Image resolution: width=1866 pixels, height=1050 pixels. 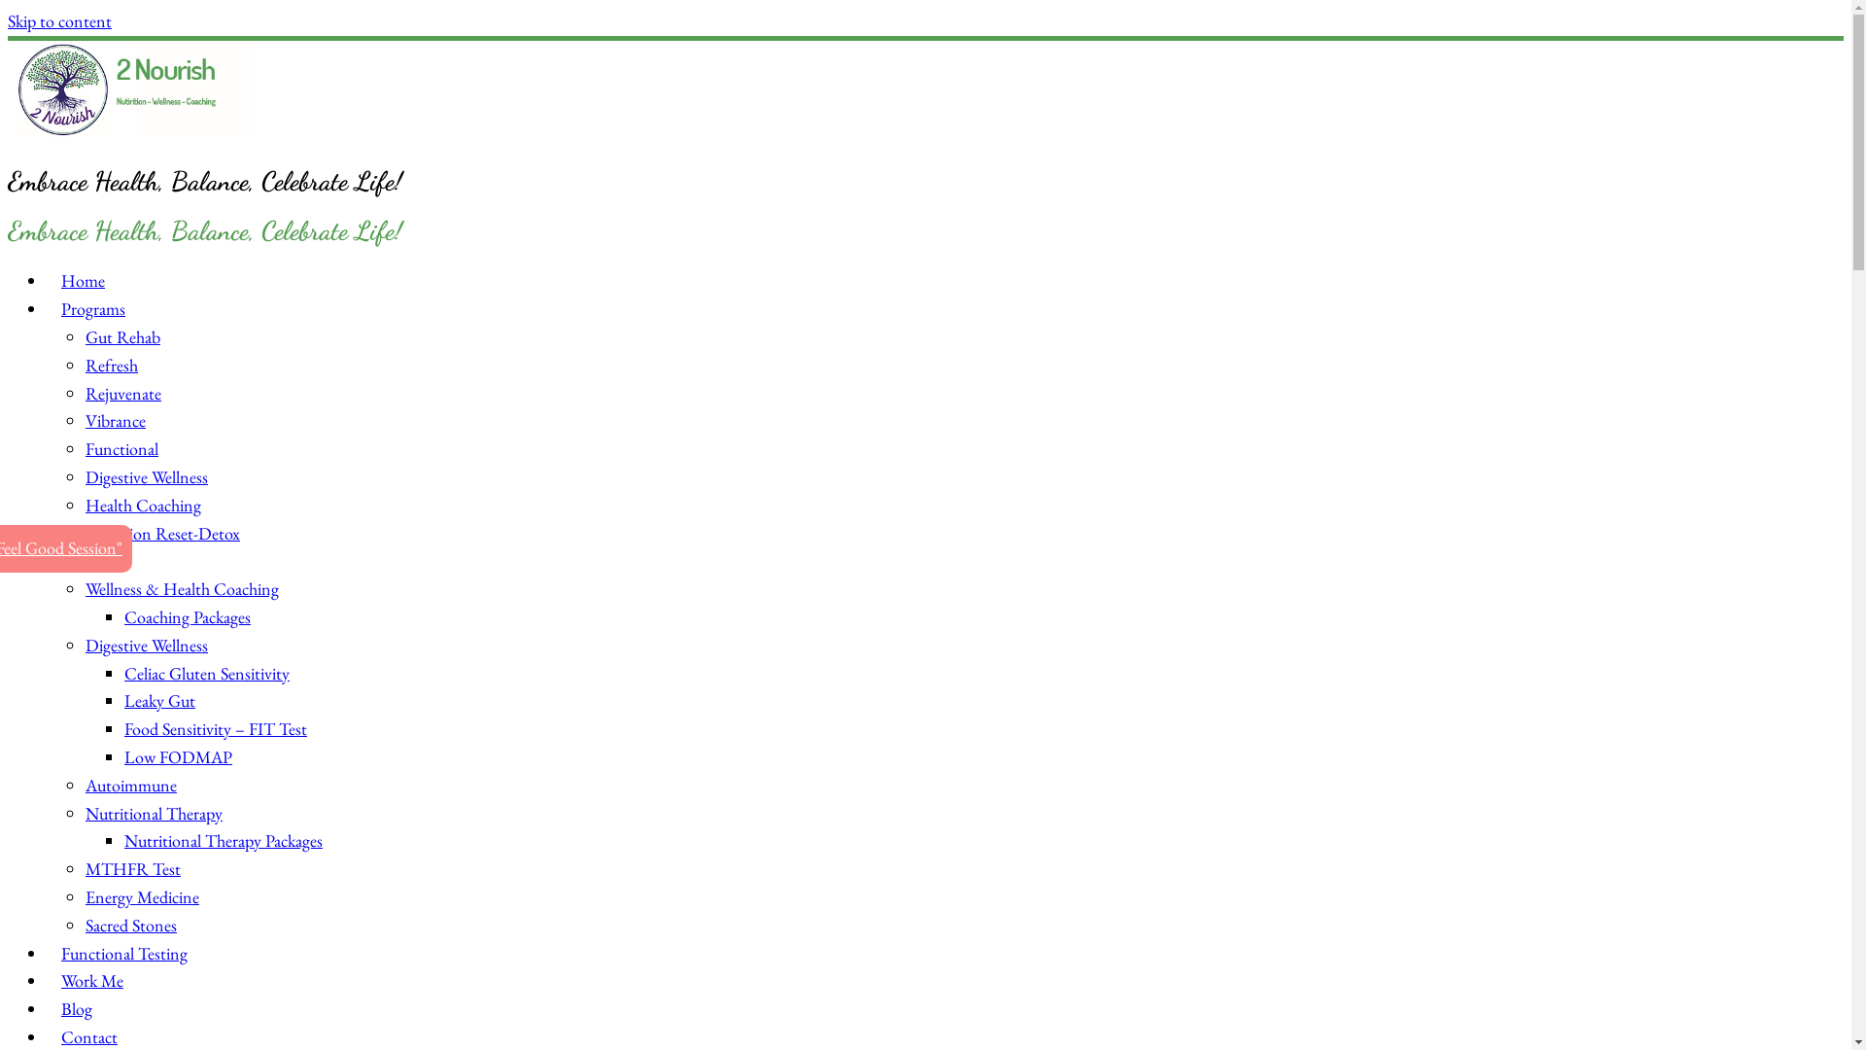 What do you see at coordinates (121, 393) in the screenshot?
I see `'Rejuvenate'` at bounding box center [121, 393].